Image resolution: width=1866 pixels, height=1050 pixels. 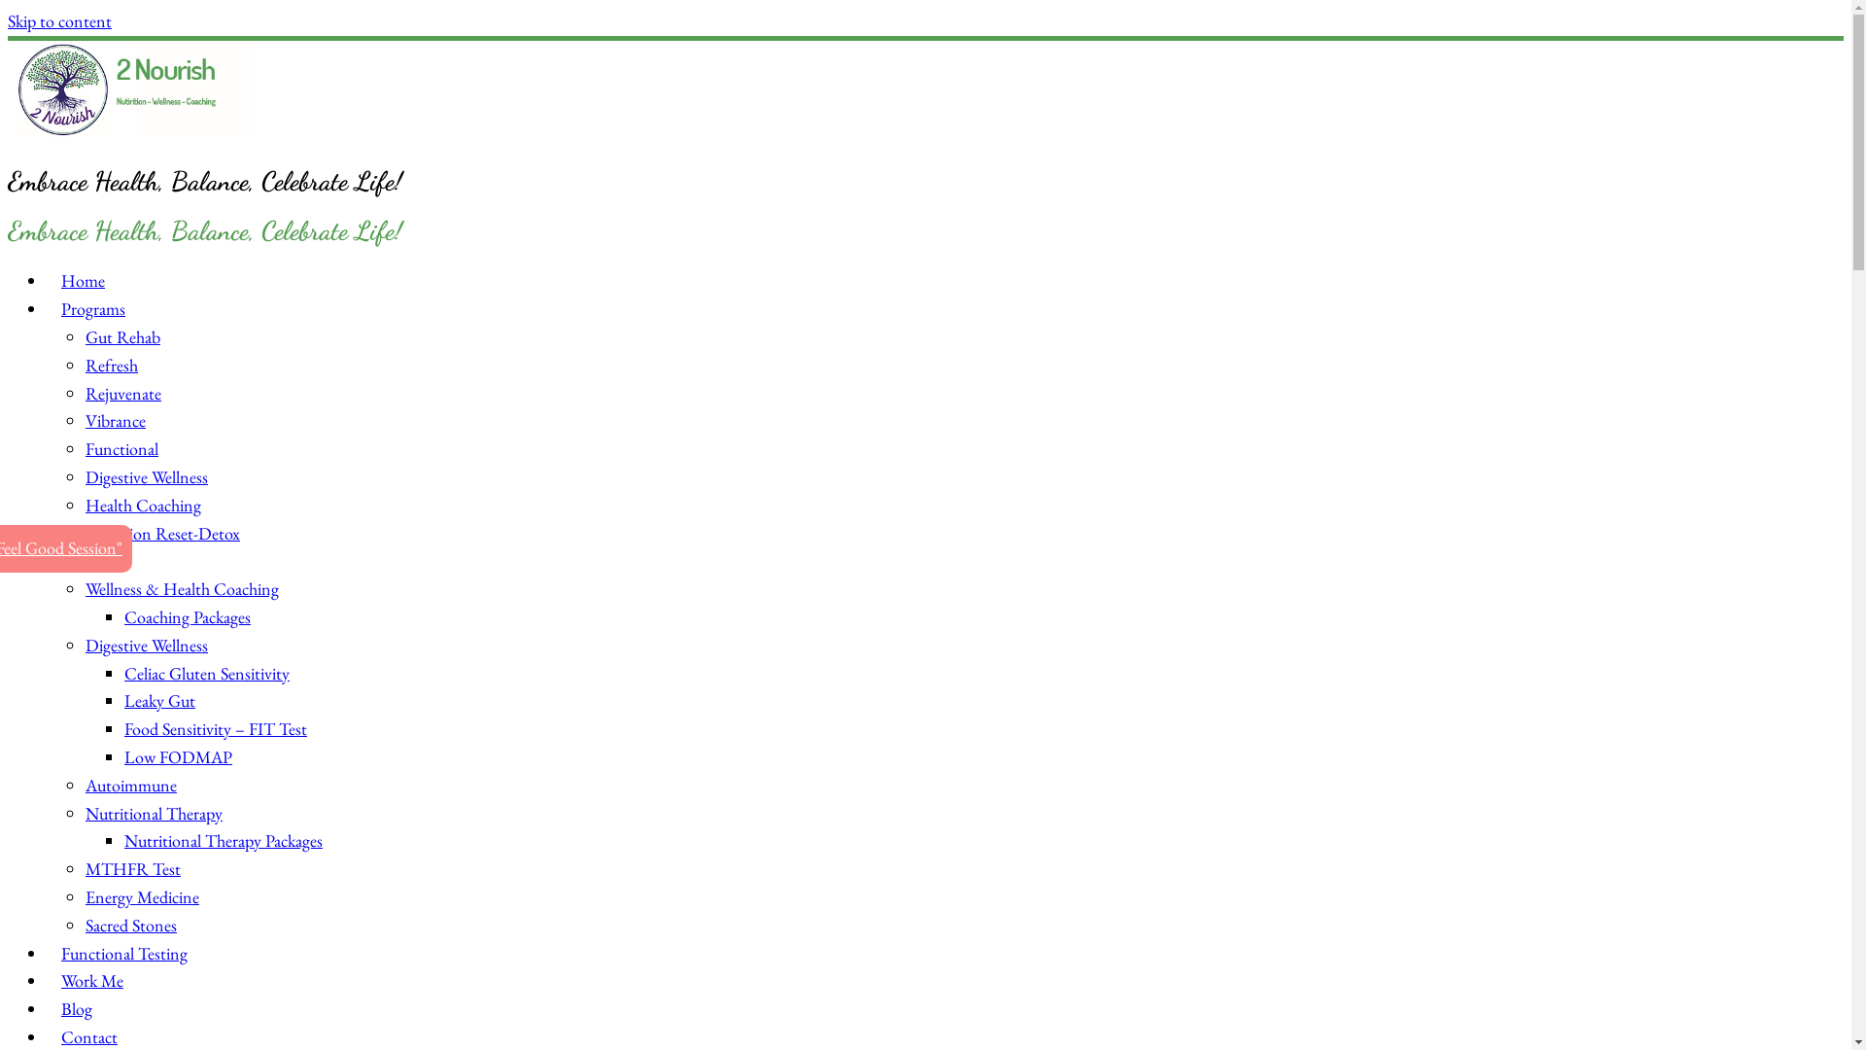 What do you see at coordinates (121, 393) in the screenshot?
I see `'Rejuvenate'` at bounding box center [121, 393].